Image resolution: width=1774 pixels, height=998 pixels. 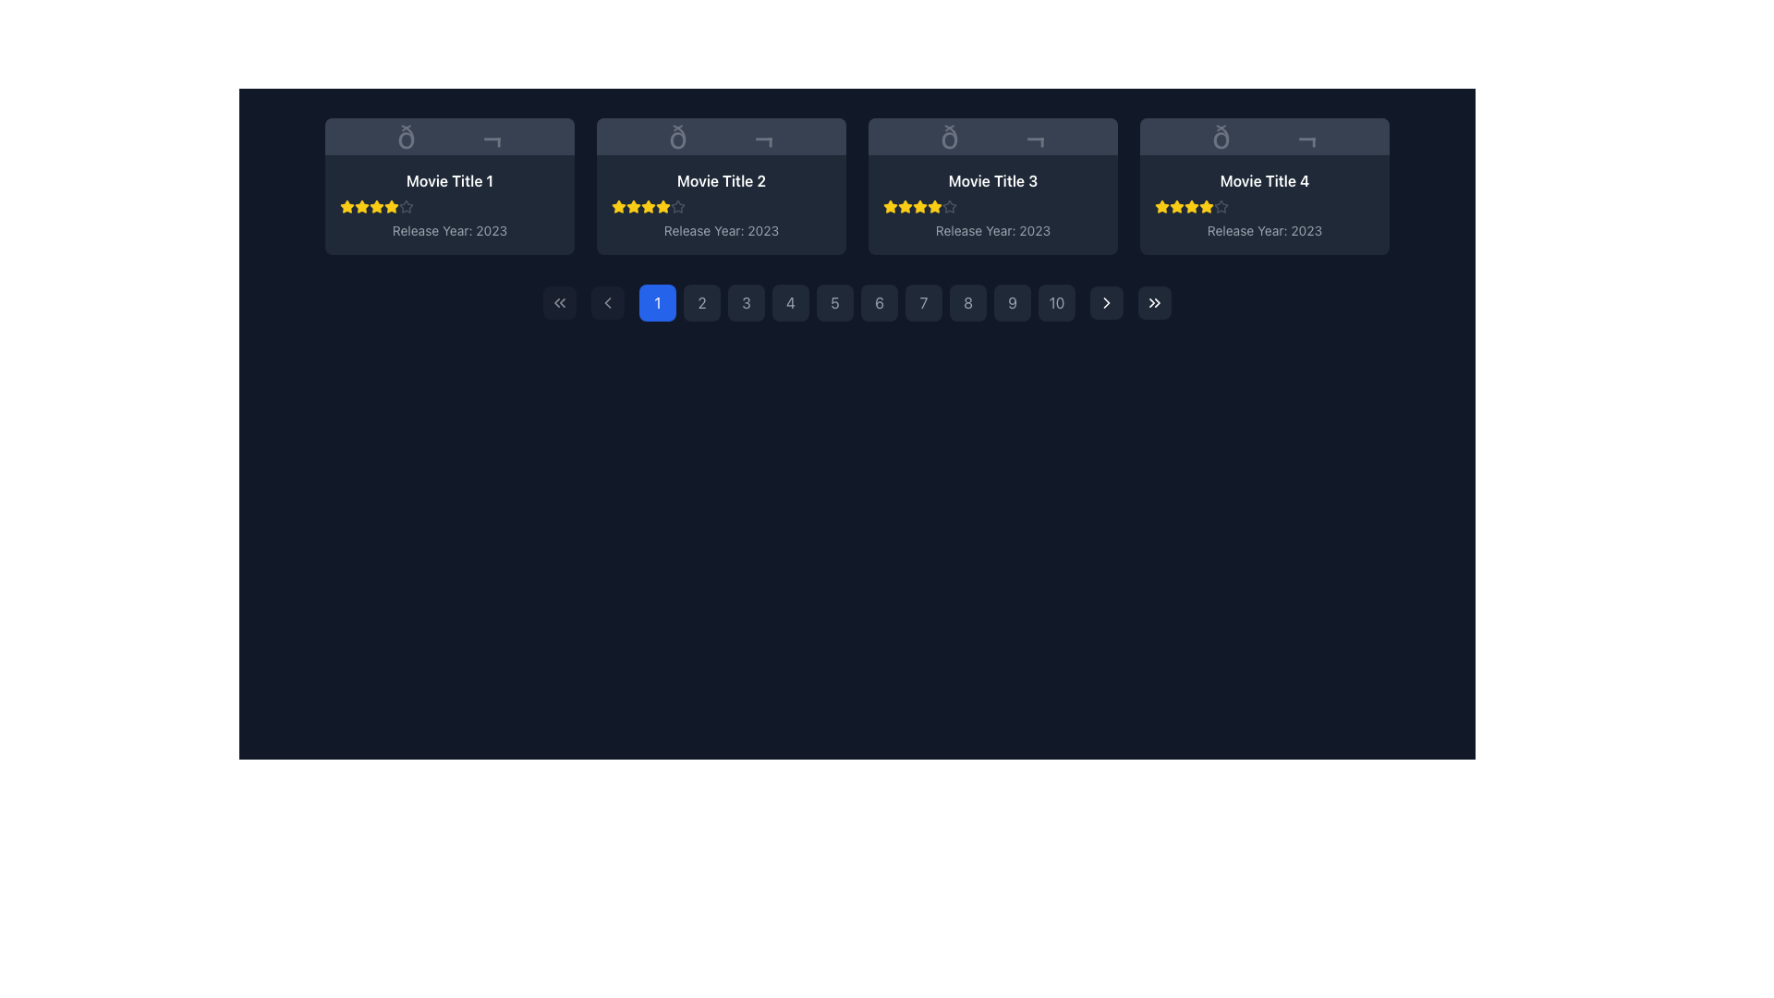 What do you see at coordinates (619, 206) in the screenshot?
I see `the star icon for 'Movie Title 2', which is the third star` at bounding box center [619, 206].